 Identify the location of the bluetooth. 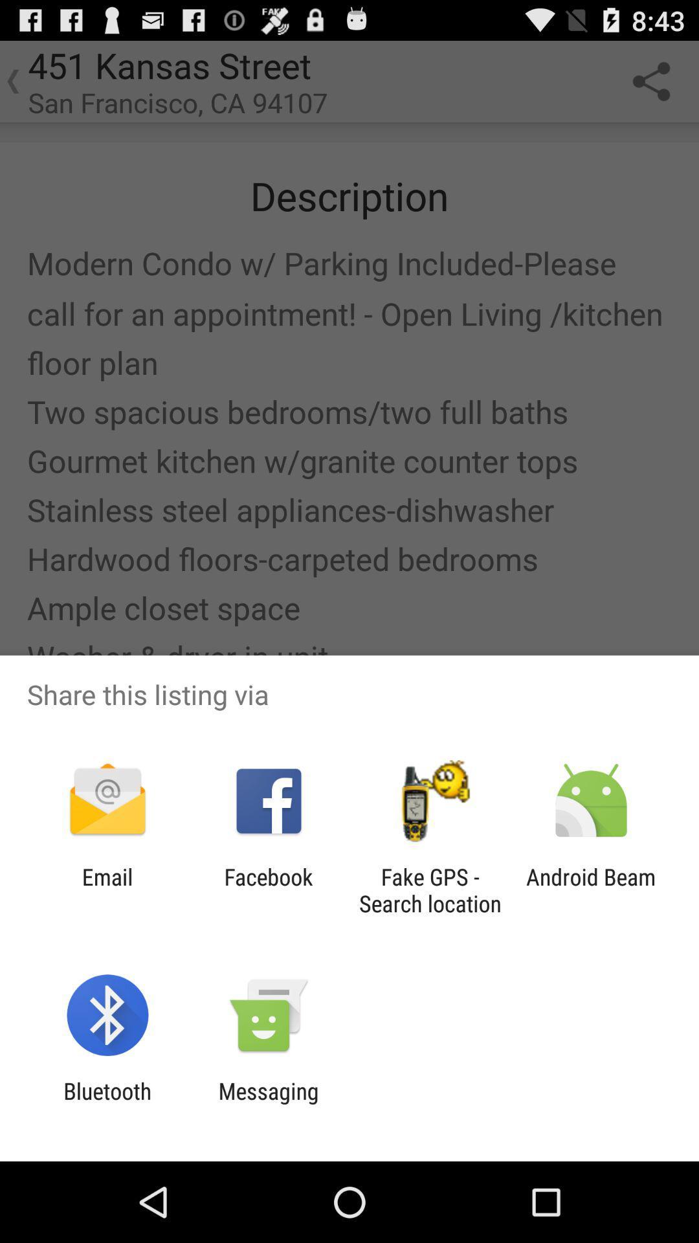
(107, 1104).